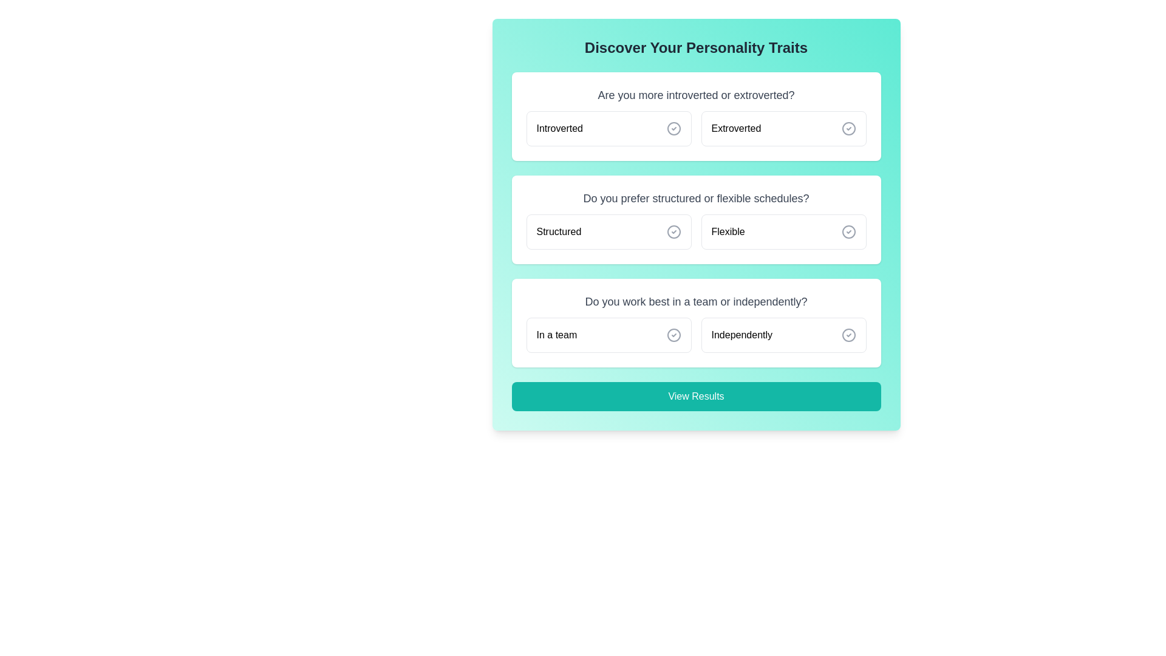 This screenshot has height=656, width=1166. Describe the element at coordinates (673, 231) in the screenshot. I see `the circular radio button icon with a check mark, located to the right of the text 'Structured' in the question 'Do you prefer structured or flexible schedules?'` at that location.